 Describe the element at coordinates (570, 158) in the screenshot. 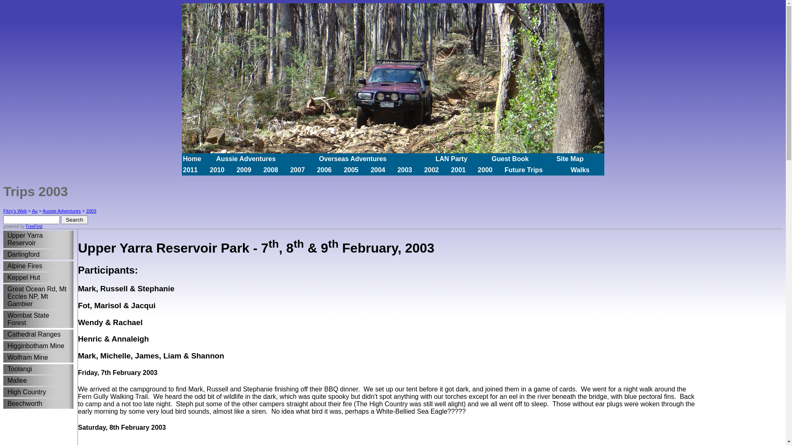

I see `'Site Map'` at that location.